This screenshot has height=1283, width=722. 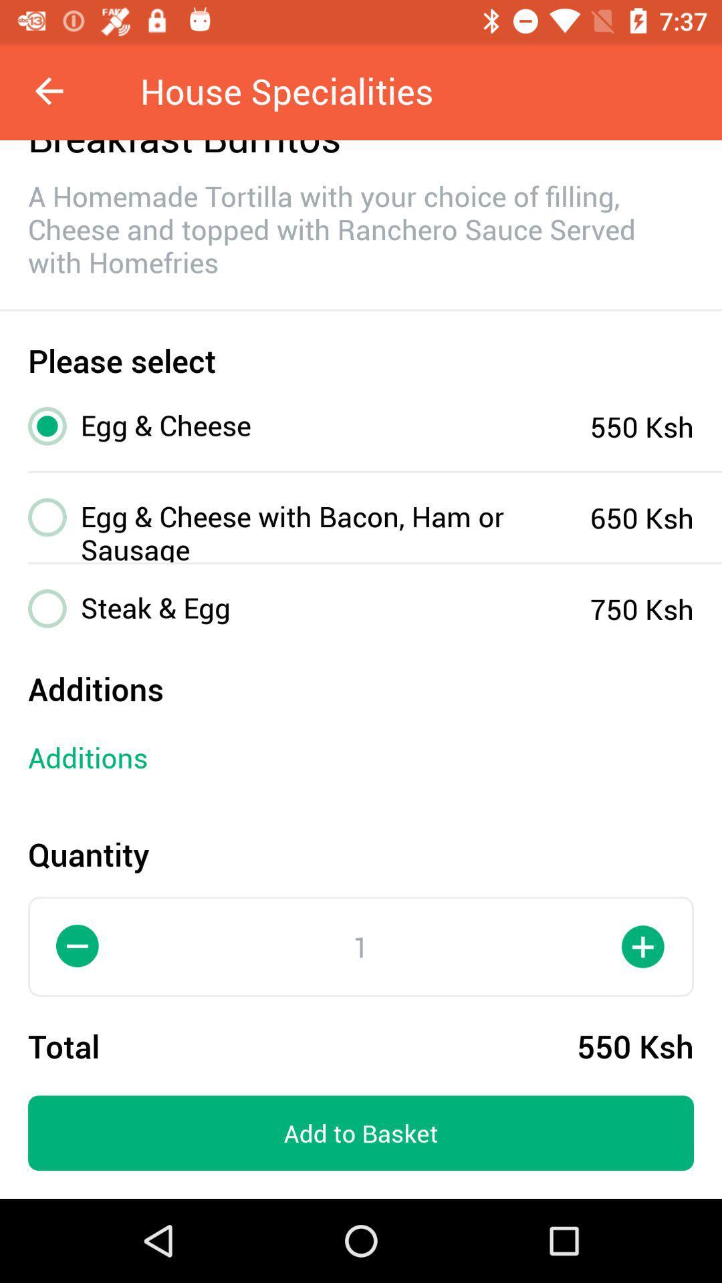 I want to click on the item below the total, so click(x=361, y=1132).